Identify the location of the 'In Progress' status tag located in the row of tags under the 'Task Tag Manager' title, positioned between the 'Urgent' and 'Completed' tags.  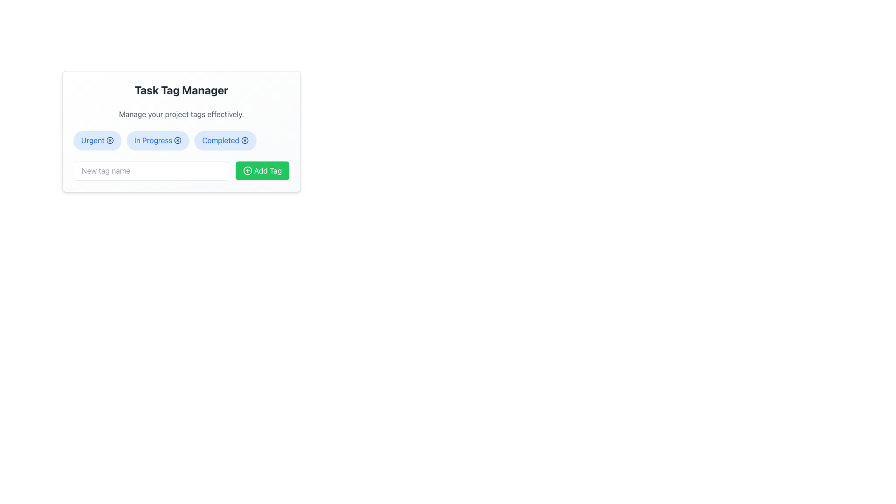
(153, 140).